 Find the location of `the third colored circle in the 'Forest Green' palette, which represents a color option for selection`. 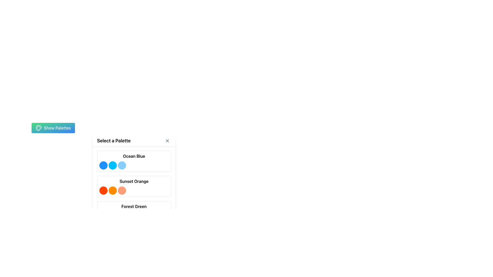

the third colored circle in the 'Forest Green' palette, which represents a color option for selection is located at coordinates (122, 215).